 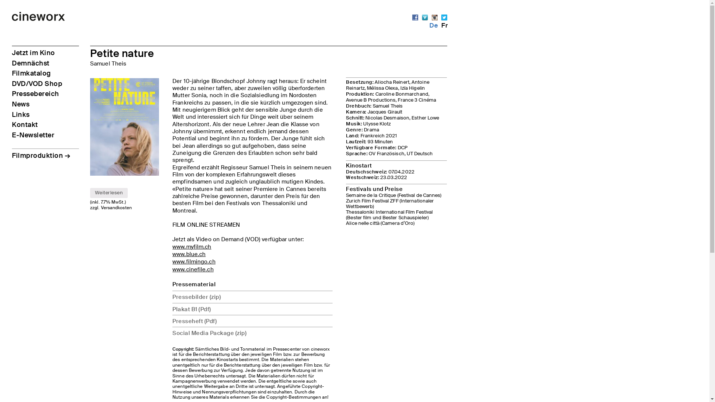 What do you see at coordinates (20, 104) in the screenshot?
I see `'News'` at bounding box center [20, 104].